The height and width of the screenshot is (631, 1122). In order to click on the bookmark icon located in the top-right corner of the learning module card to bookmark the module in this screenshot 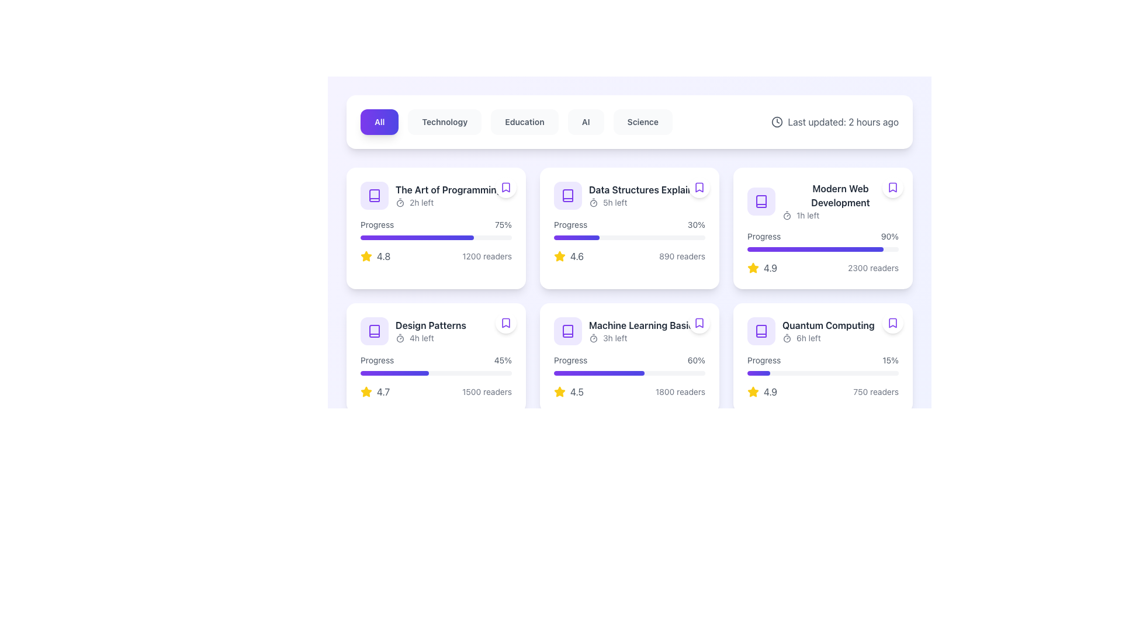, I will do `click(892, 323)`.